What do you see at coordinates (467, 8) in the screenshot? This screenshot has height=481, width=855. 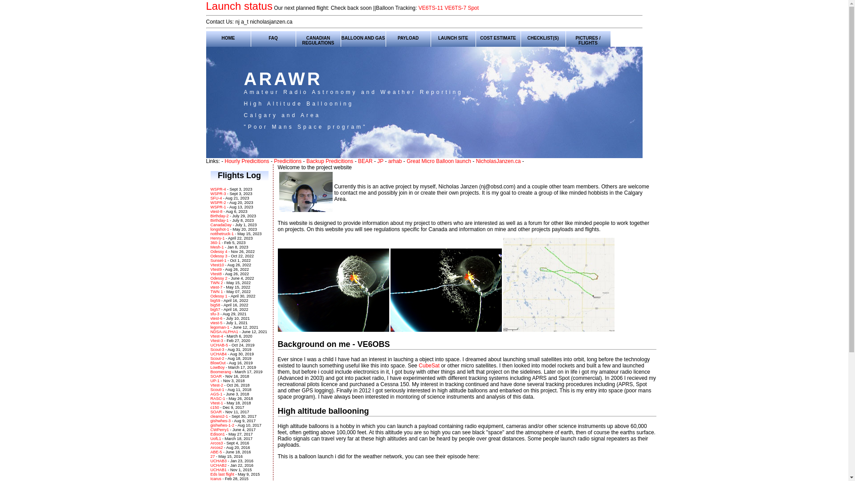 I see `'Spot'` at bounding box center [467, 8].